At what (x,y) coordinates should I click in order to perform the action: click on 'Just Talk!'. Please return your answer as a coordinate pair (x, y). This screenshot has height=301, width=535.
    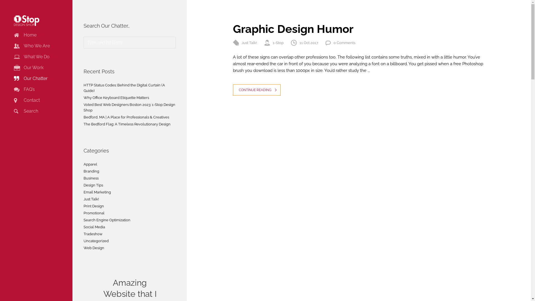
    Looking at the image, I should click on (249, 42).